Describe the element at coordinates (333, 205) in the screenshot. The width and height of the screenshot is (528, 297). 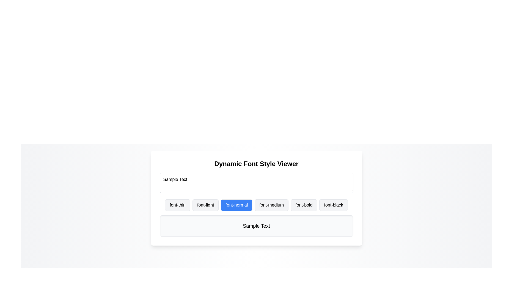
I see `the sixth button in a row of buttons` at that location.